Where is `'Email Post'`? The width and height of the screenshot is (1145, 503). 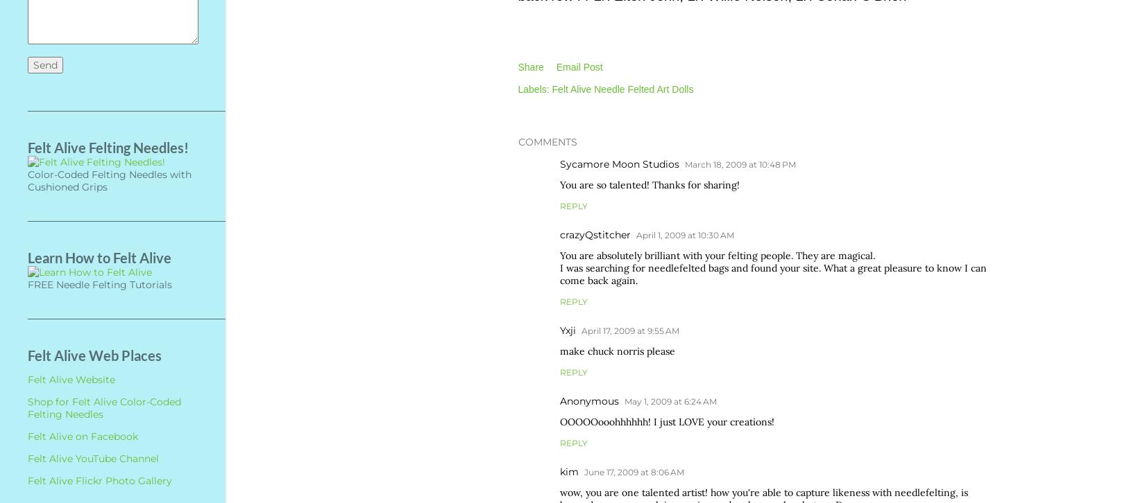
'Email Post' is located at coordinates (579, 67).